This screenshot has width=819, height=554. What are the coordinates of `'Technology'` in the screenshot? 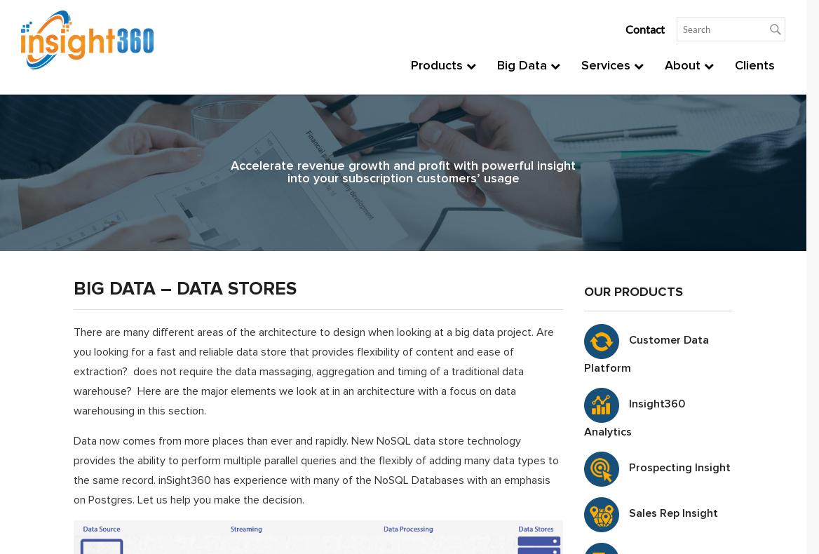 It's located at (693, 155).